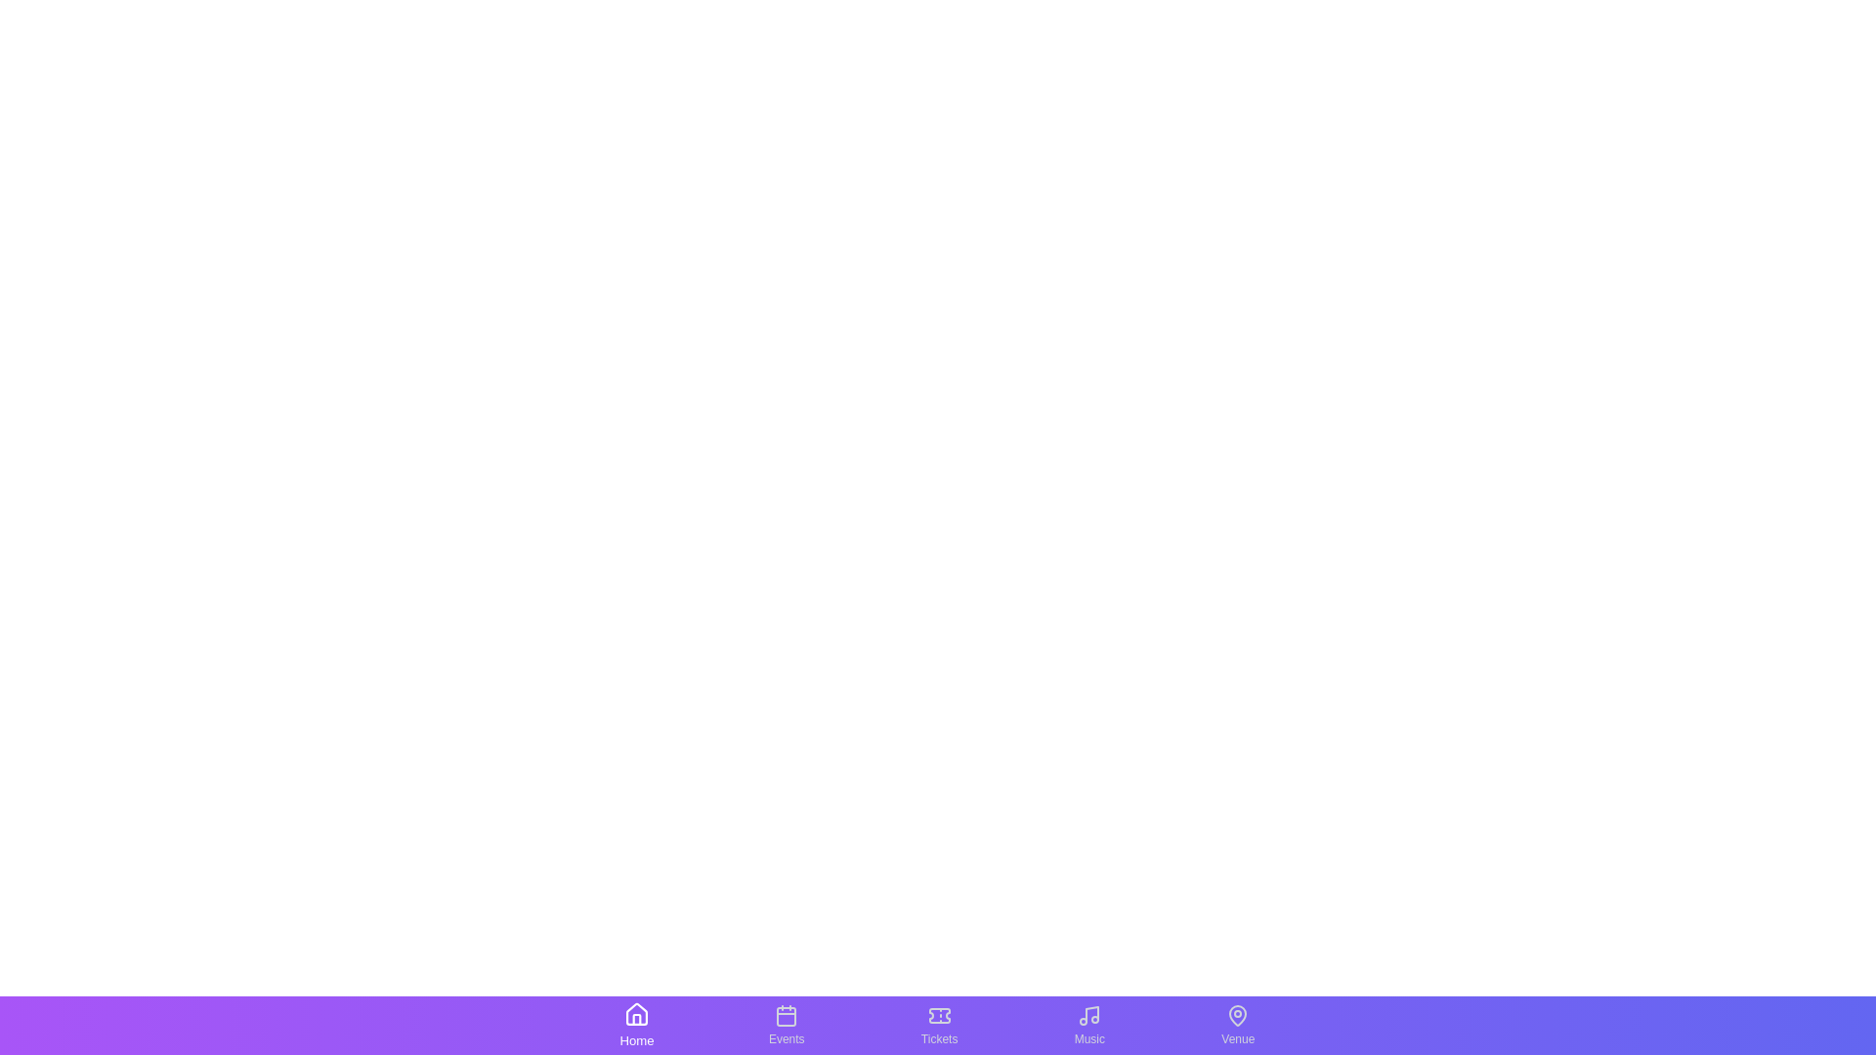 This screenshot has width=1876, height=1055. What do you see at coordinates (1237, 1024) in the screenshot?
I see `the tab labeled Venue to observe the visual changes` at bounding box center [1237, 1024].